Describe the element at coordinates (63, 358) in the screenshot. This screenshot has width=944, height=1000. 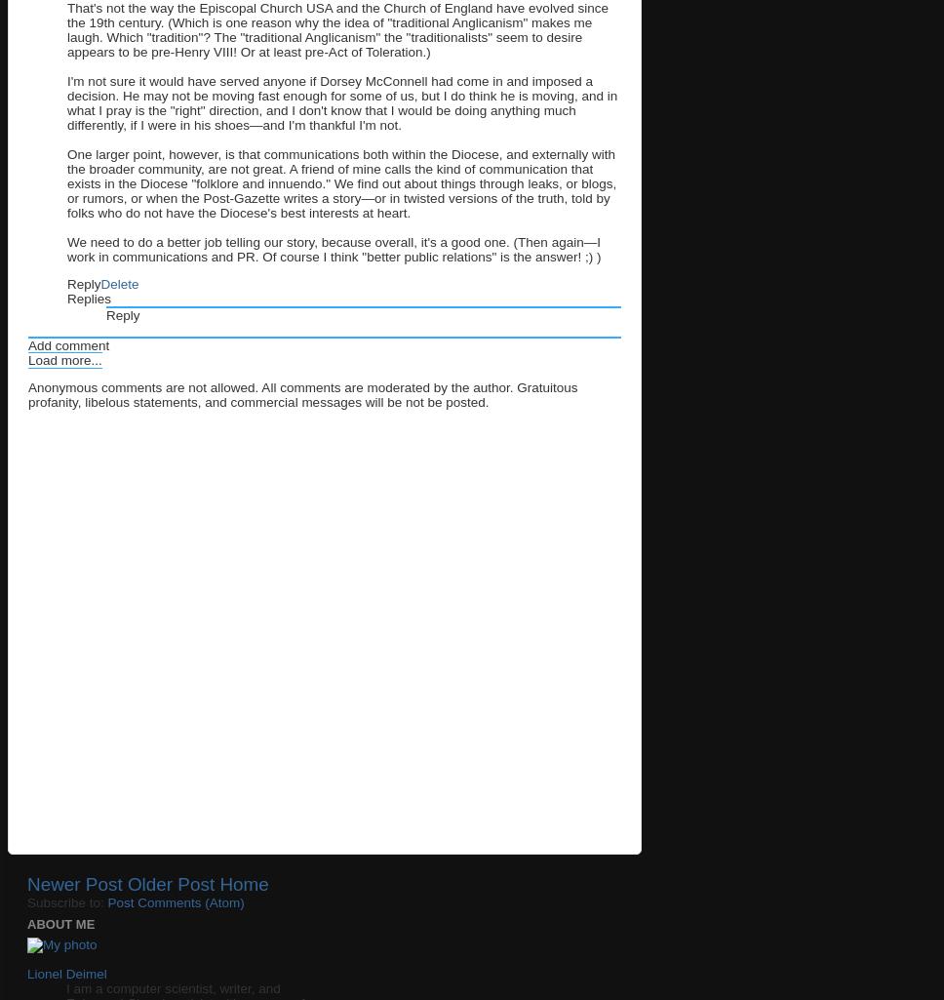
I see `'Load more...'` at that location.